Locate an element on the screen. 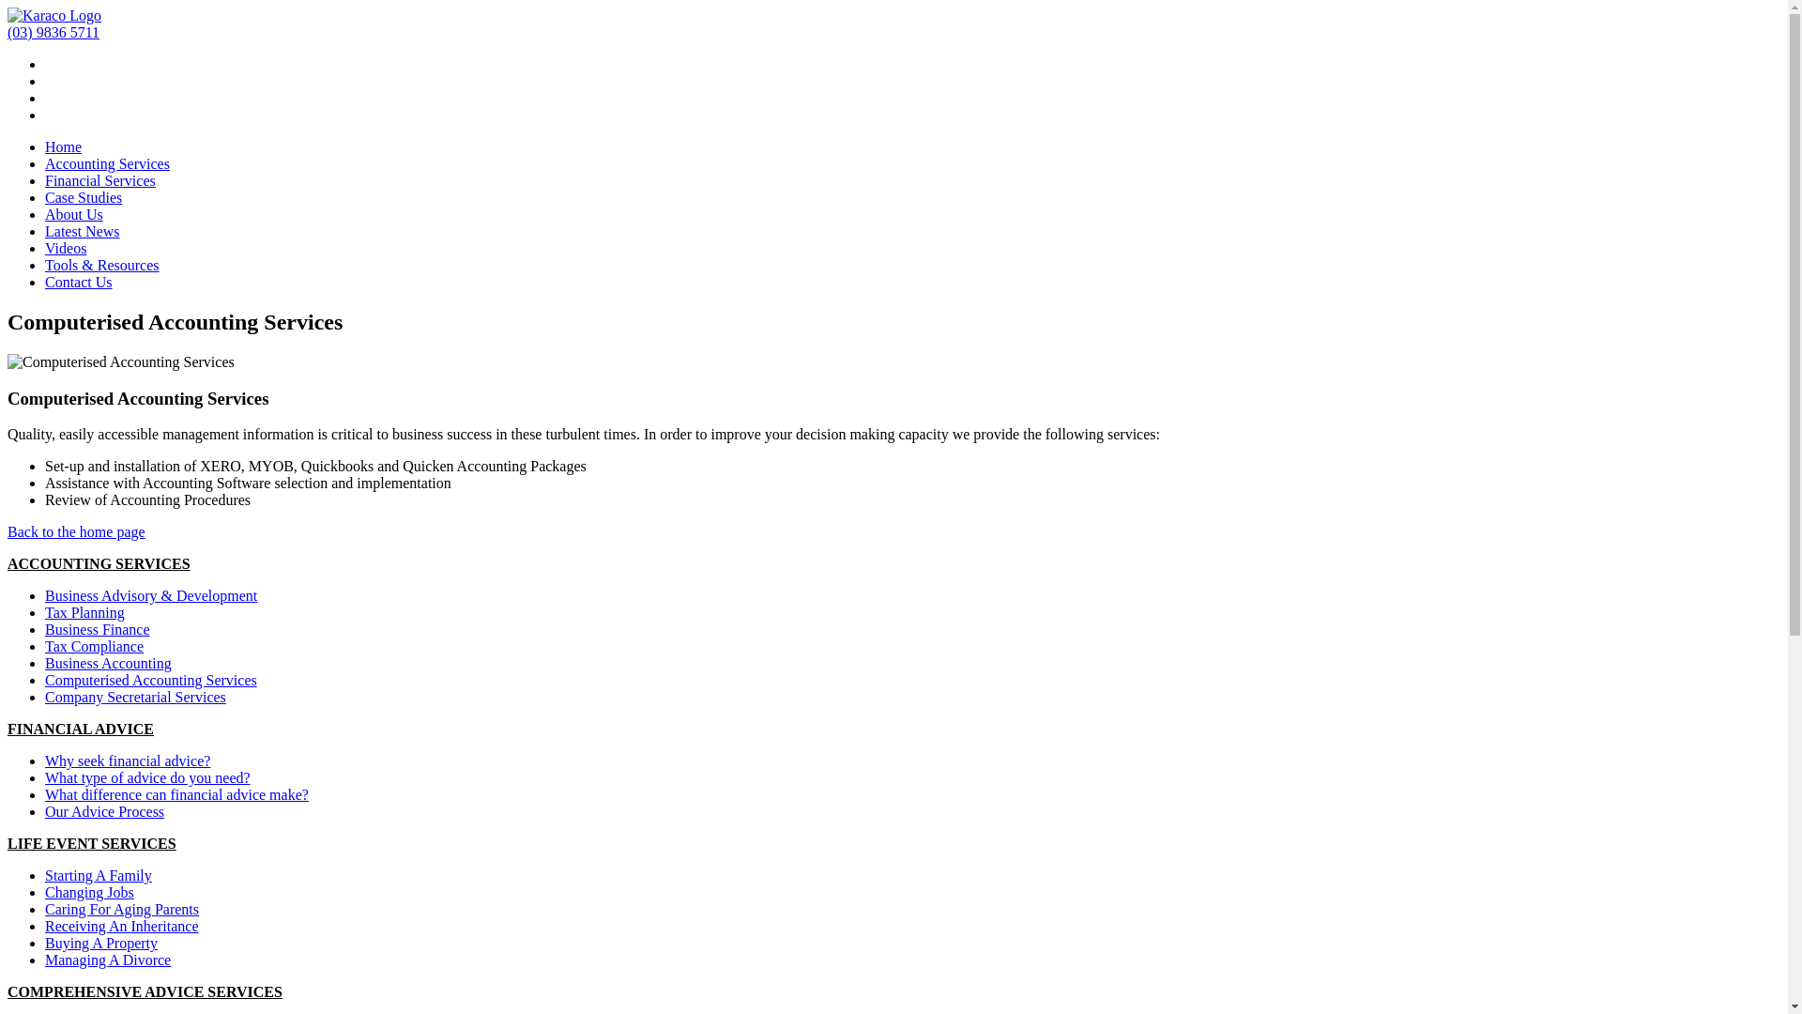  'Back to the home page' is located at coordinates (75, 531).